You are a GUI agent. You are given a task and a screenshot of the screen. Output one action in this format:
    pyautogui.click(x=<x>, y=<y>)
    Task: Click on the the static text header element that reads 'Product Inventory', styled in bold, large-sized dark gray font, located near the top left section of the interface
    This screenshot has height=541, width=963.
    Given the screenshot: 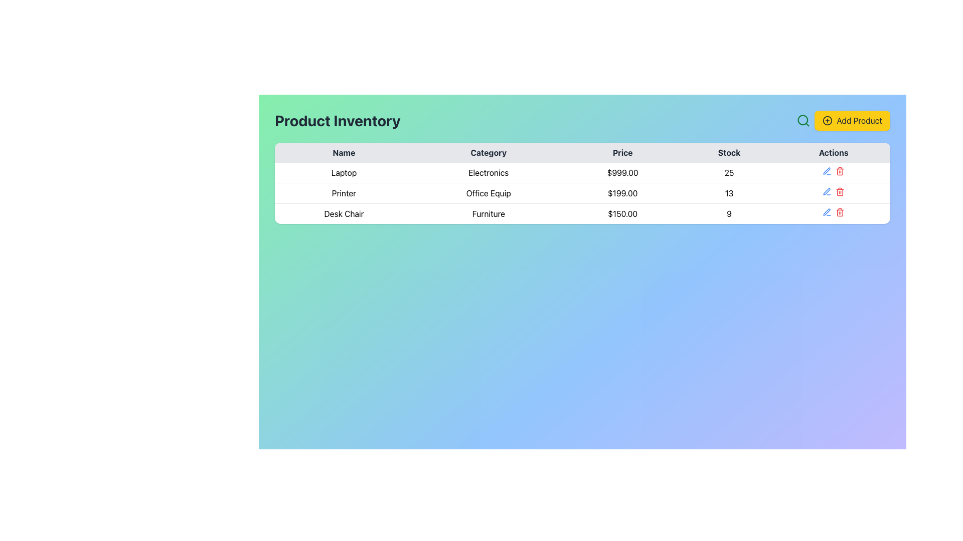 What is the action you would take?
    pyautogui.click(x=338, y=120)
    